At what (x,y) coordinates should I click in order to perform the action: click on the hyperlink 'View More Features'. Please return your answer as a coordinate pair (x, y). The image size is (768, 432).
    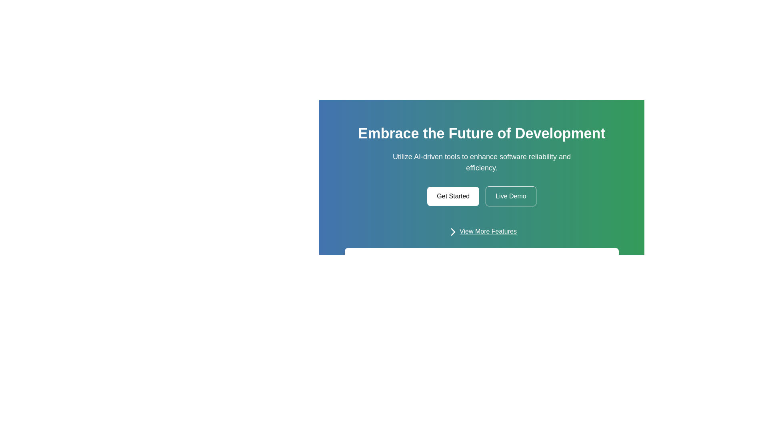
    Looking at the image, I should click on (488, 231).